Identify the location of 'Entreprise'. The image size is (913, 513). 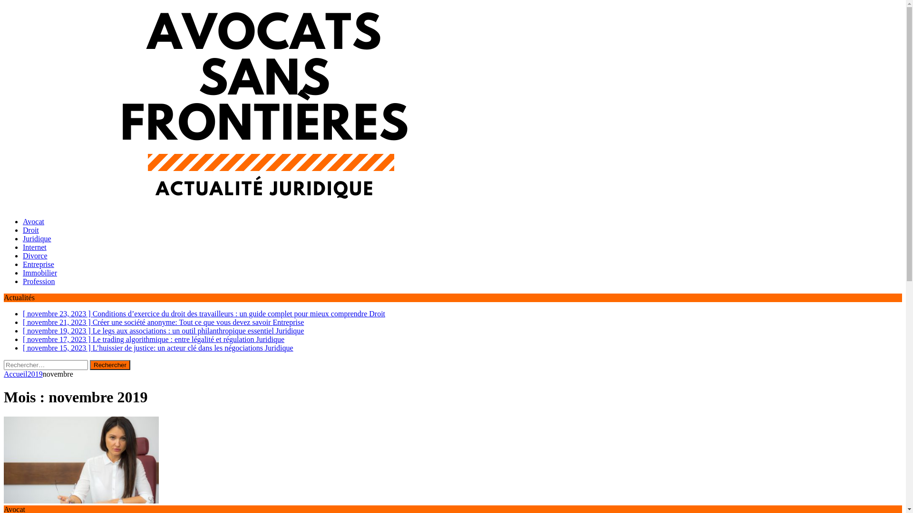
(38, 264).